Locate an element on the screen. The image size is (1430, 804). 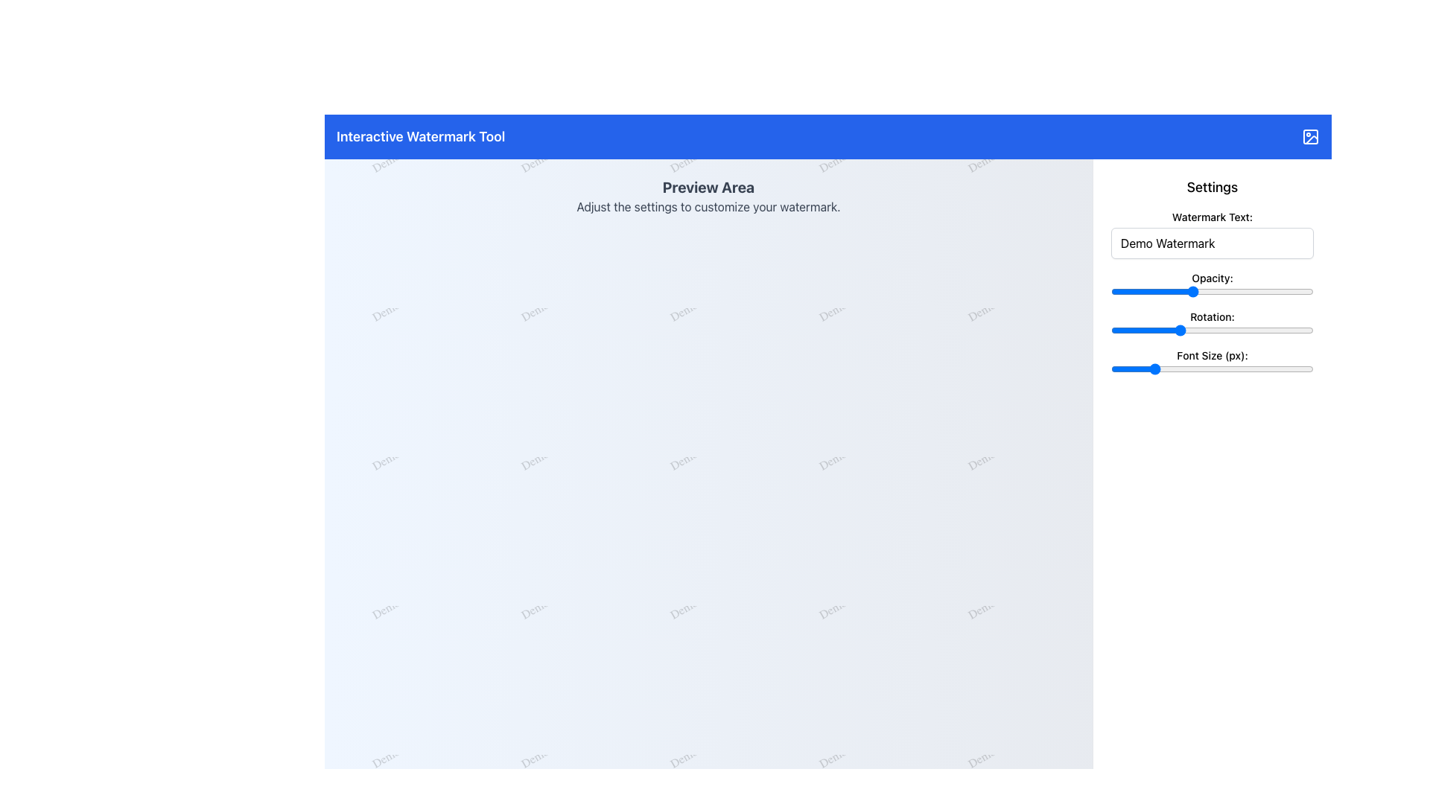
the rotation value of the slider is located at coordinates (1173, 329).